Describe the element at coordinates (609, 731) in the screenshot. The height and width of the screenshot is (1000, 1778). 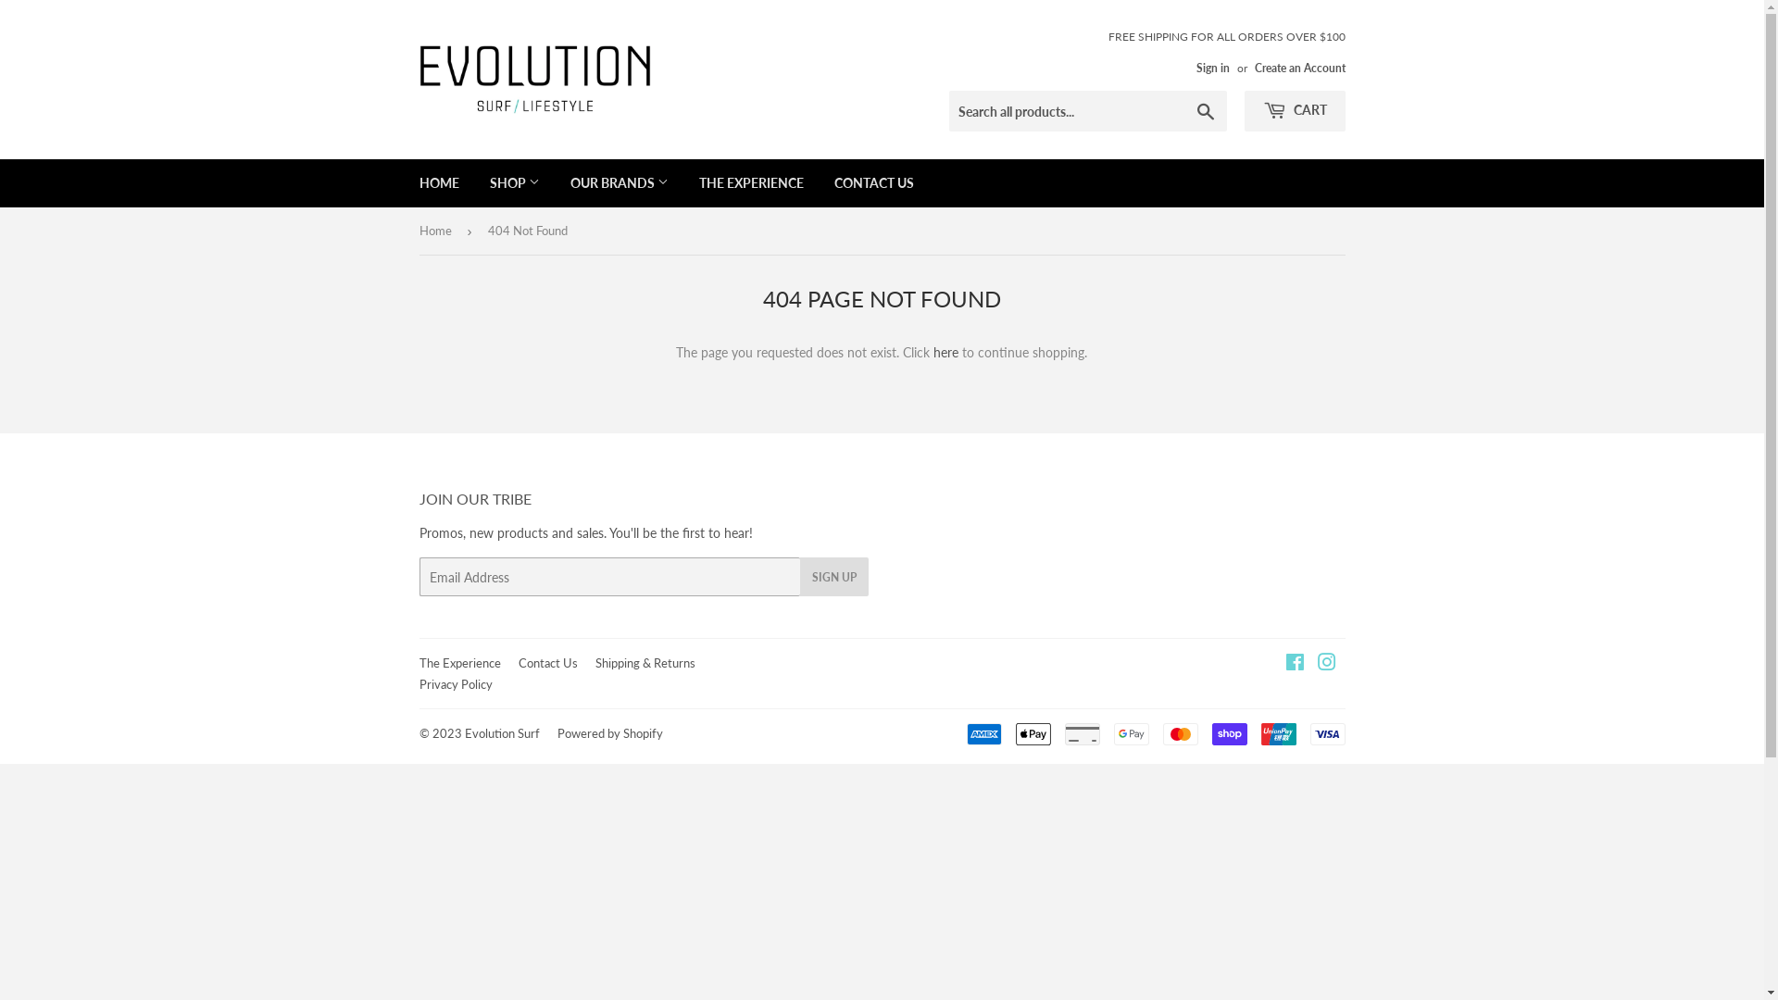
I see `'Powered by Shopify'` at that location.